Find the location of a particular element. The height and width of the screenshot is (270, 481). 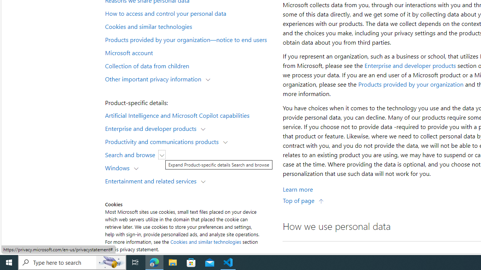

'Learn More about Personal data we collect' is located at coordinates (297, 189).